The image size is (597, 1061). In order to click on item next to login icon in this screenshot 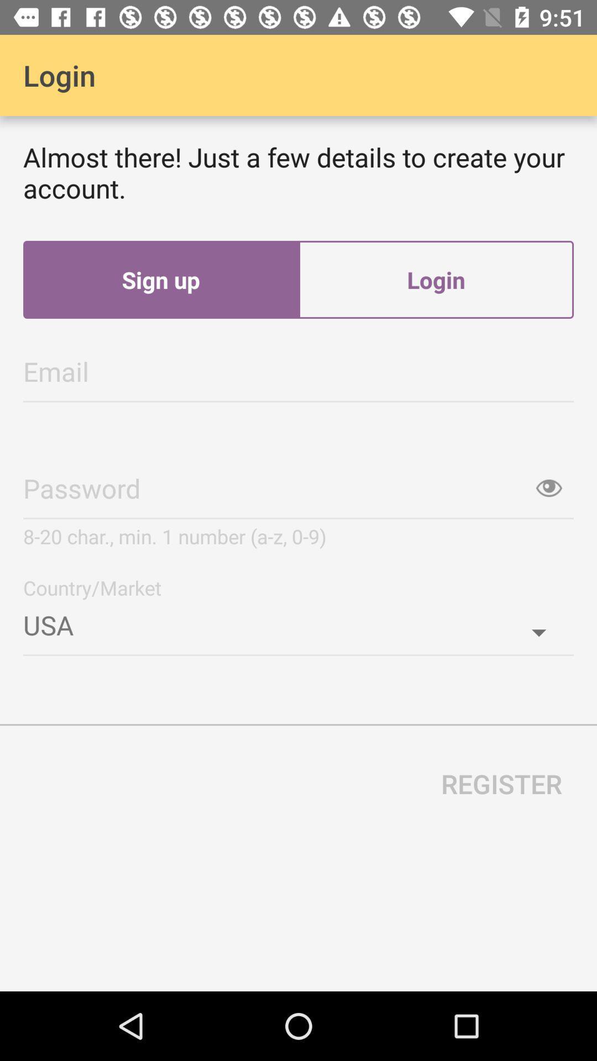, I will do `click(160, 280)`.